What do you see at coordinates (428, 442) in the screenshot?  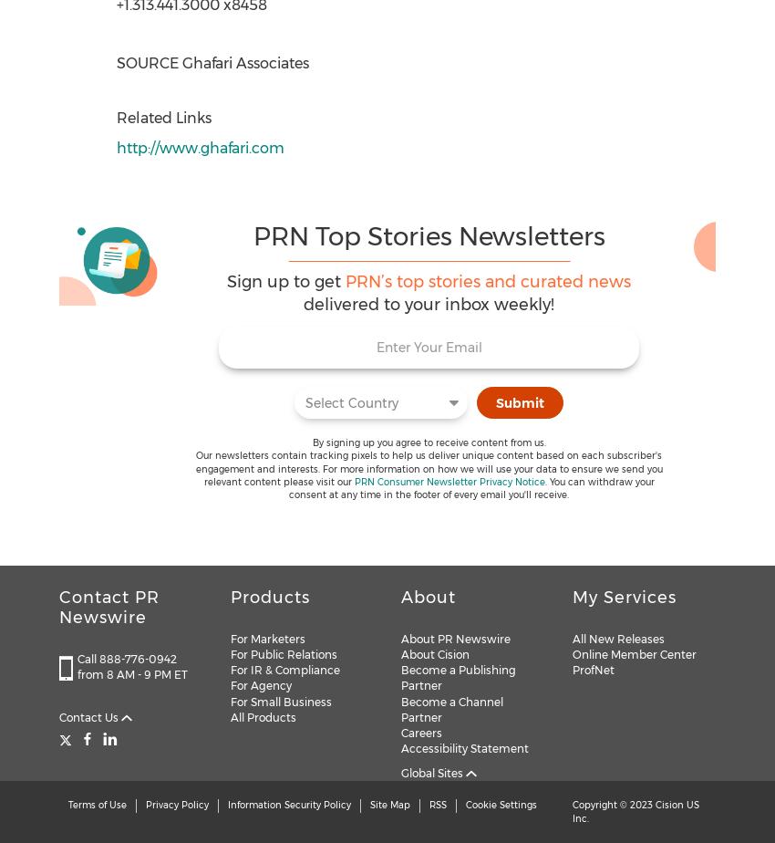 I see `'By signing up you agree to receive content from us.'` at bounding box center [428, 442].